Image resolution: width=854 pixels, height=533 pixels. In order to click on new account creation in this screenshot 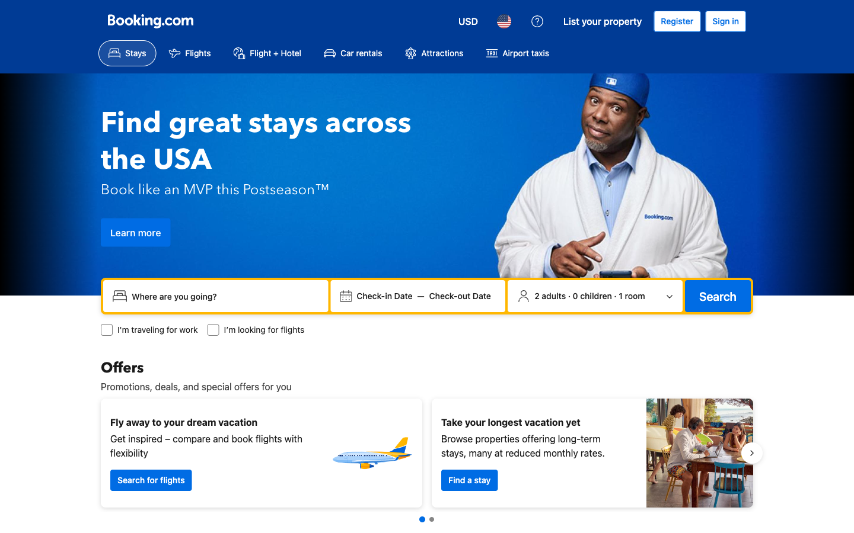, I will do `click(677, 21)`.